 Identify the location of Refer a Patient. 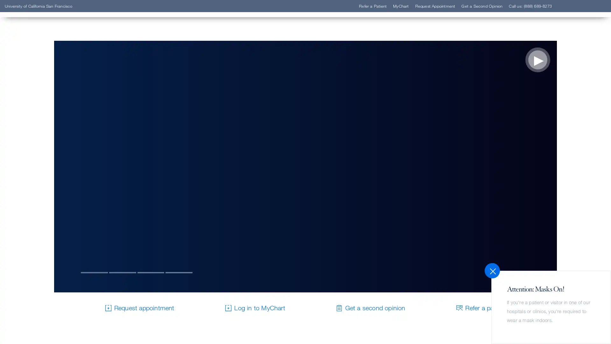
(46, 103).